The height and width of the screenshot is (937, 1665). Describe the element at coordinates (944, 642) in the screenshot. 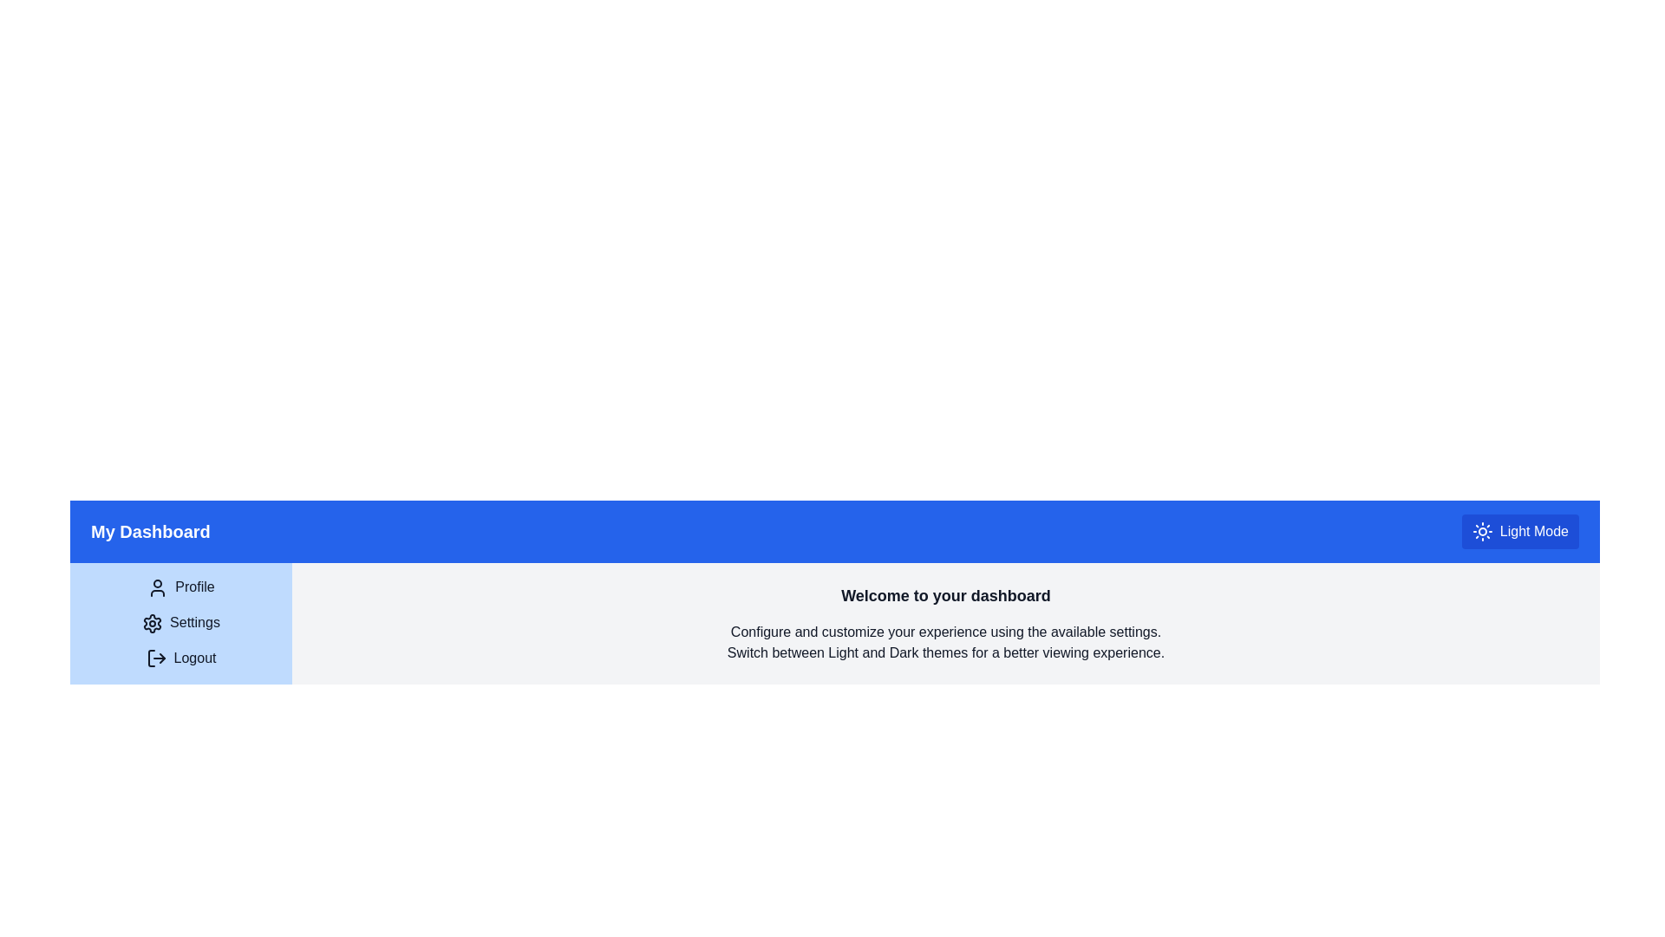

I see `the informational Text block located below the header text 'Welcome to your dashboard' in the content section, which provides guidance on configuring dashboard settings and theme options` at that location.